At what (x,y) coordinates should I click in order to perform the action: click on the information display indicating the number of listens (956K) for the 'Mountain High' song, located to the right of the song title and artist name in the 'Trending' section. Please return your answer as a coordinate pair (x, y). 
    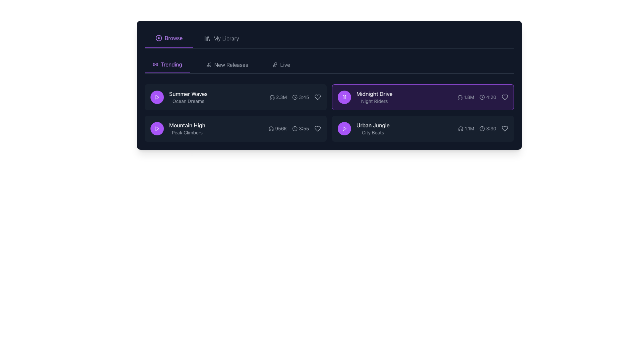
    Looking at the image, I should click on (278, 129).